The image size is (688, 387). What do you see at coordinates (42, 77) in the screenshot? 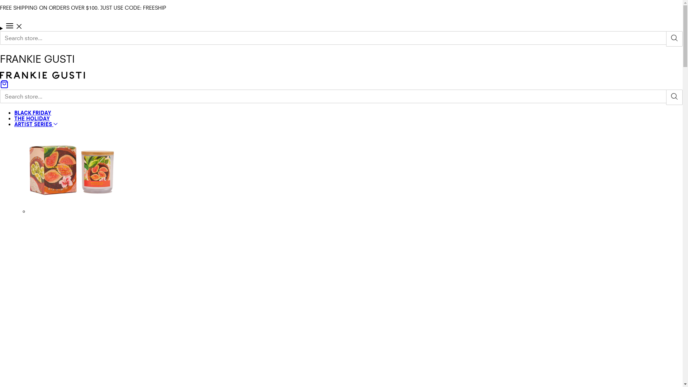
I see `'FRANKIE GUSTI'` at bounding box center [42, 77].